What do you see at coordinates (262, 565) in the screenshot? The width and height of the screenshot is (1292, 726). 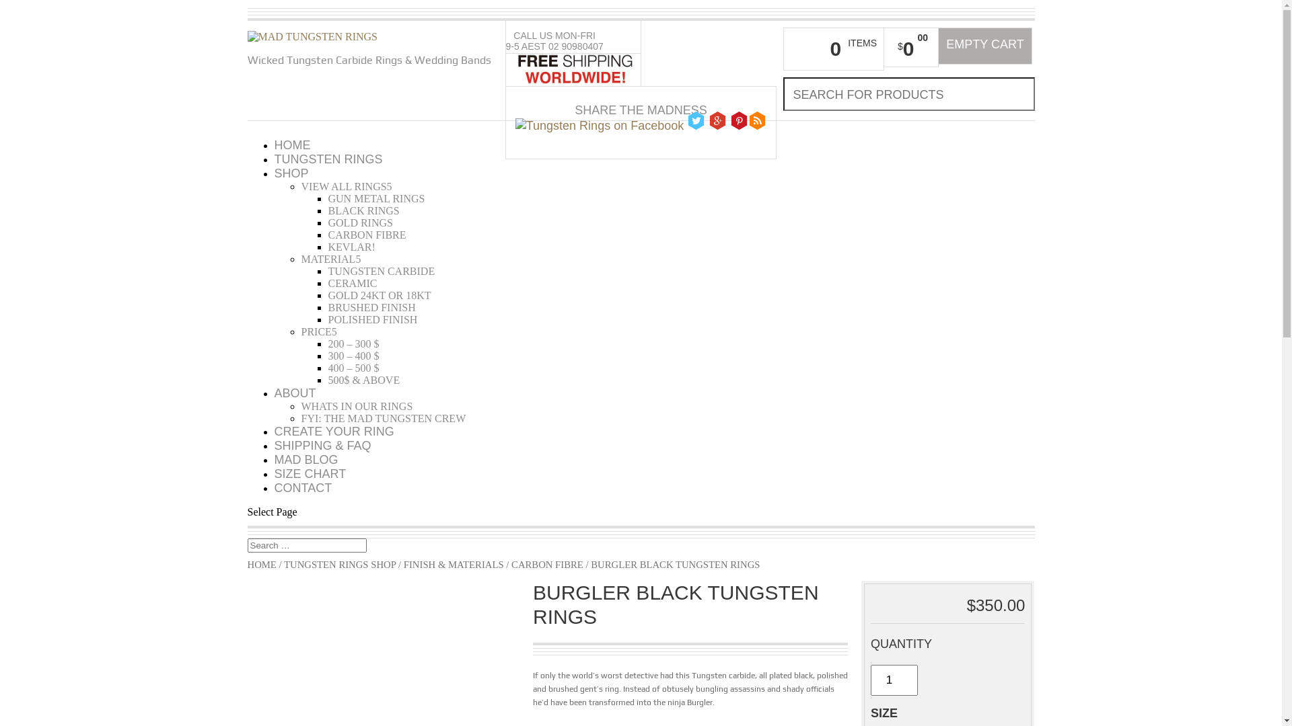 I see `'HOME'` at bounding box center [262, 565].